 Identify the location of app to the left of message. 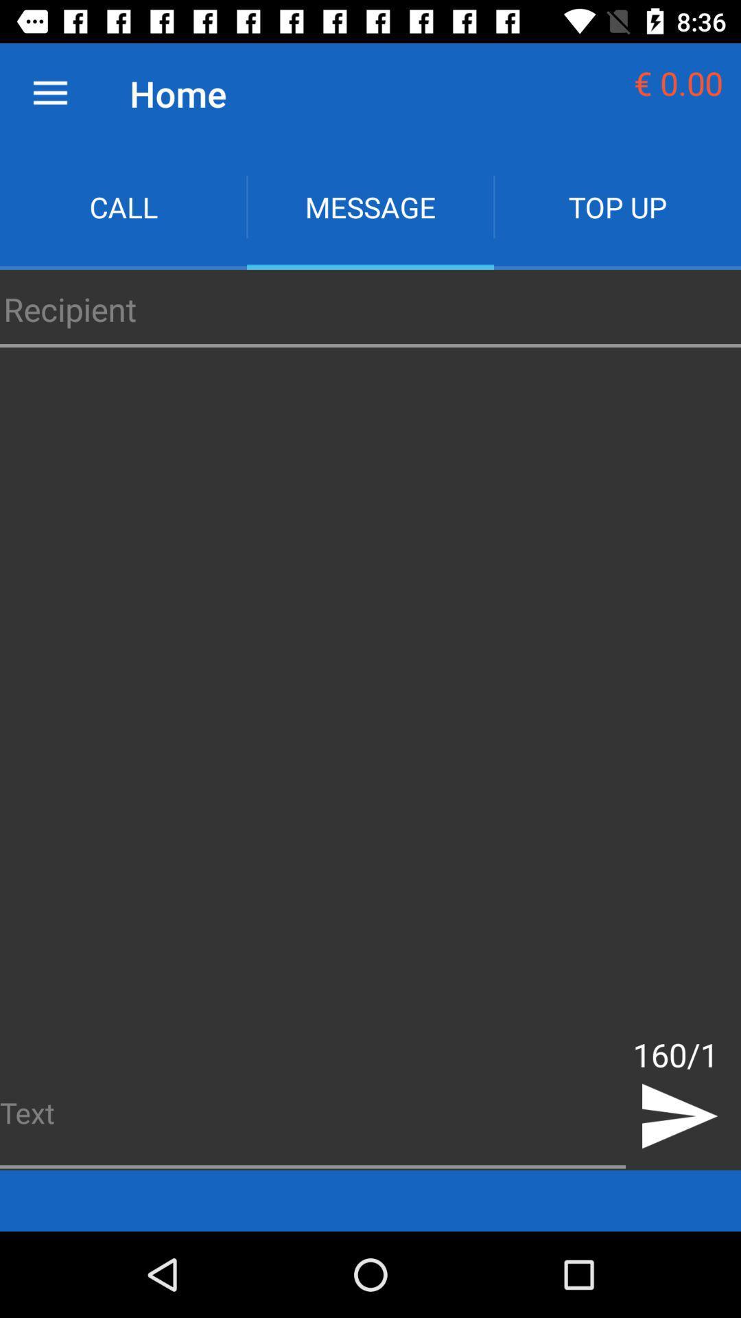
(123, 206).